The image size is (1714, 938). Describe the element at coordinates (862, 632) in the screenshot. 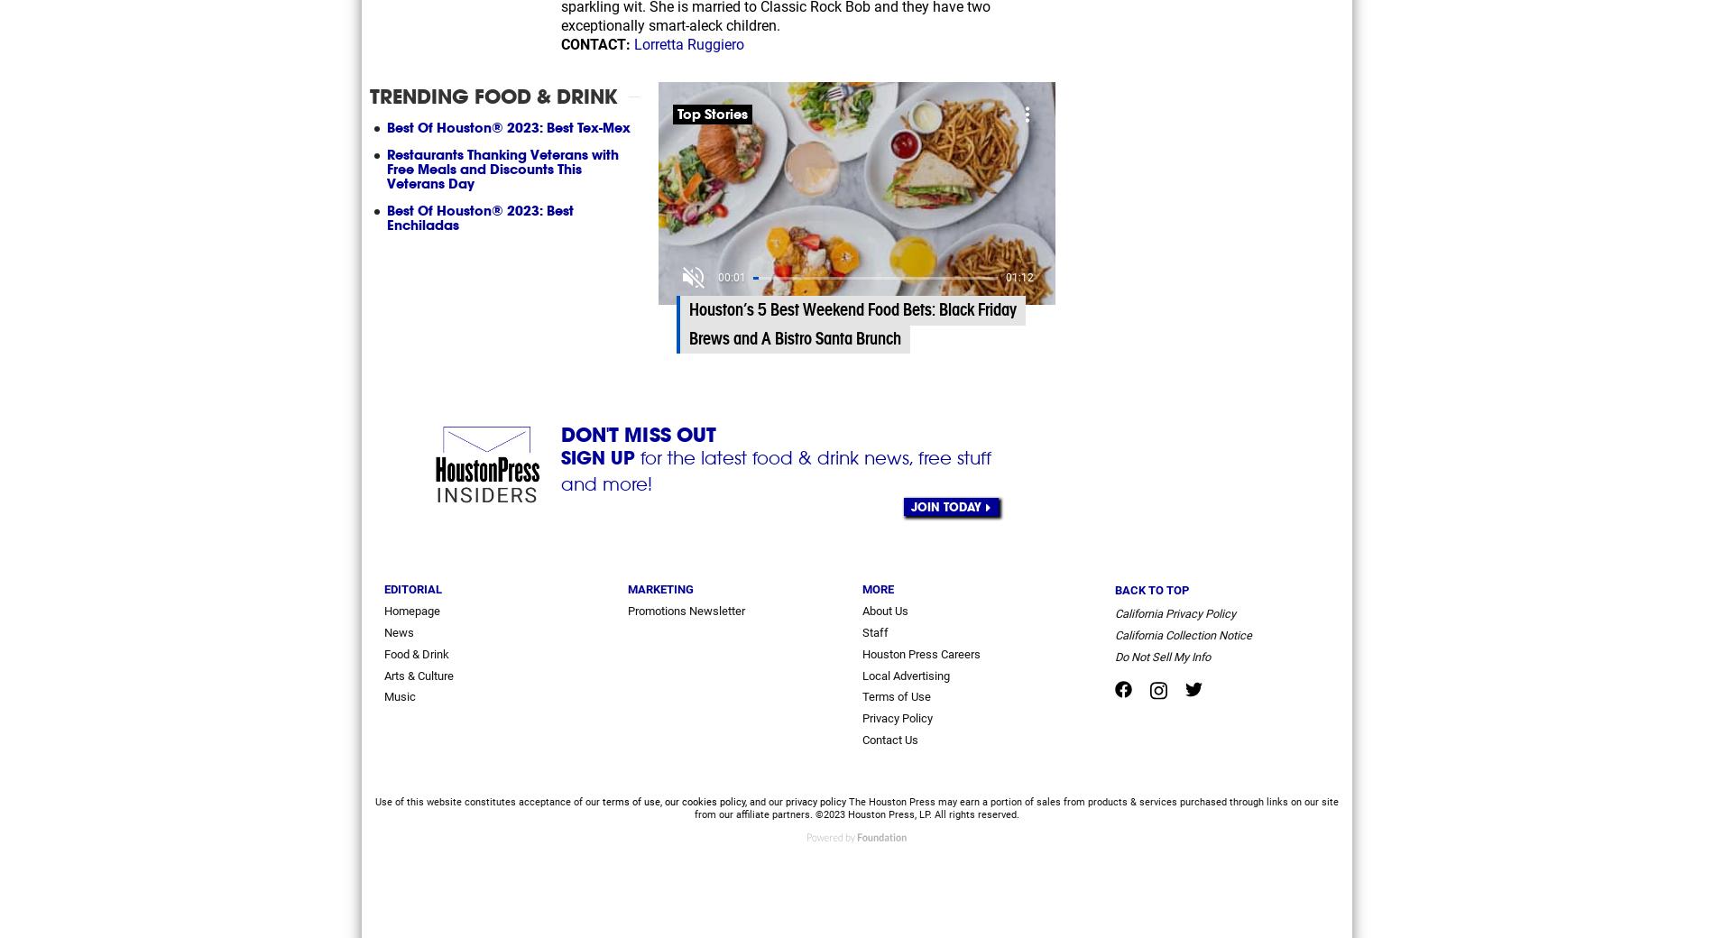

I see `'Staff'` at that location.